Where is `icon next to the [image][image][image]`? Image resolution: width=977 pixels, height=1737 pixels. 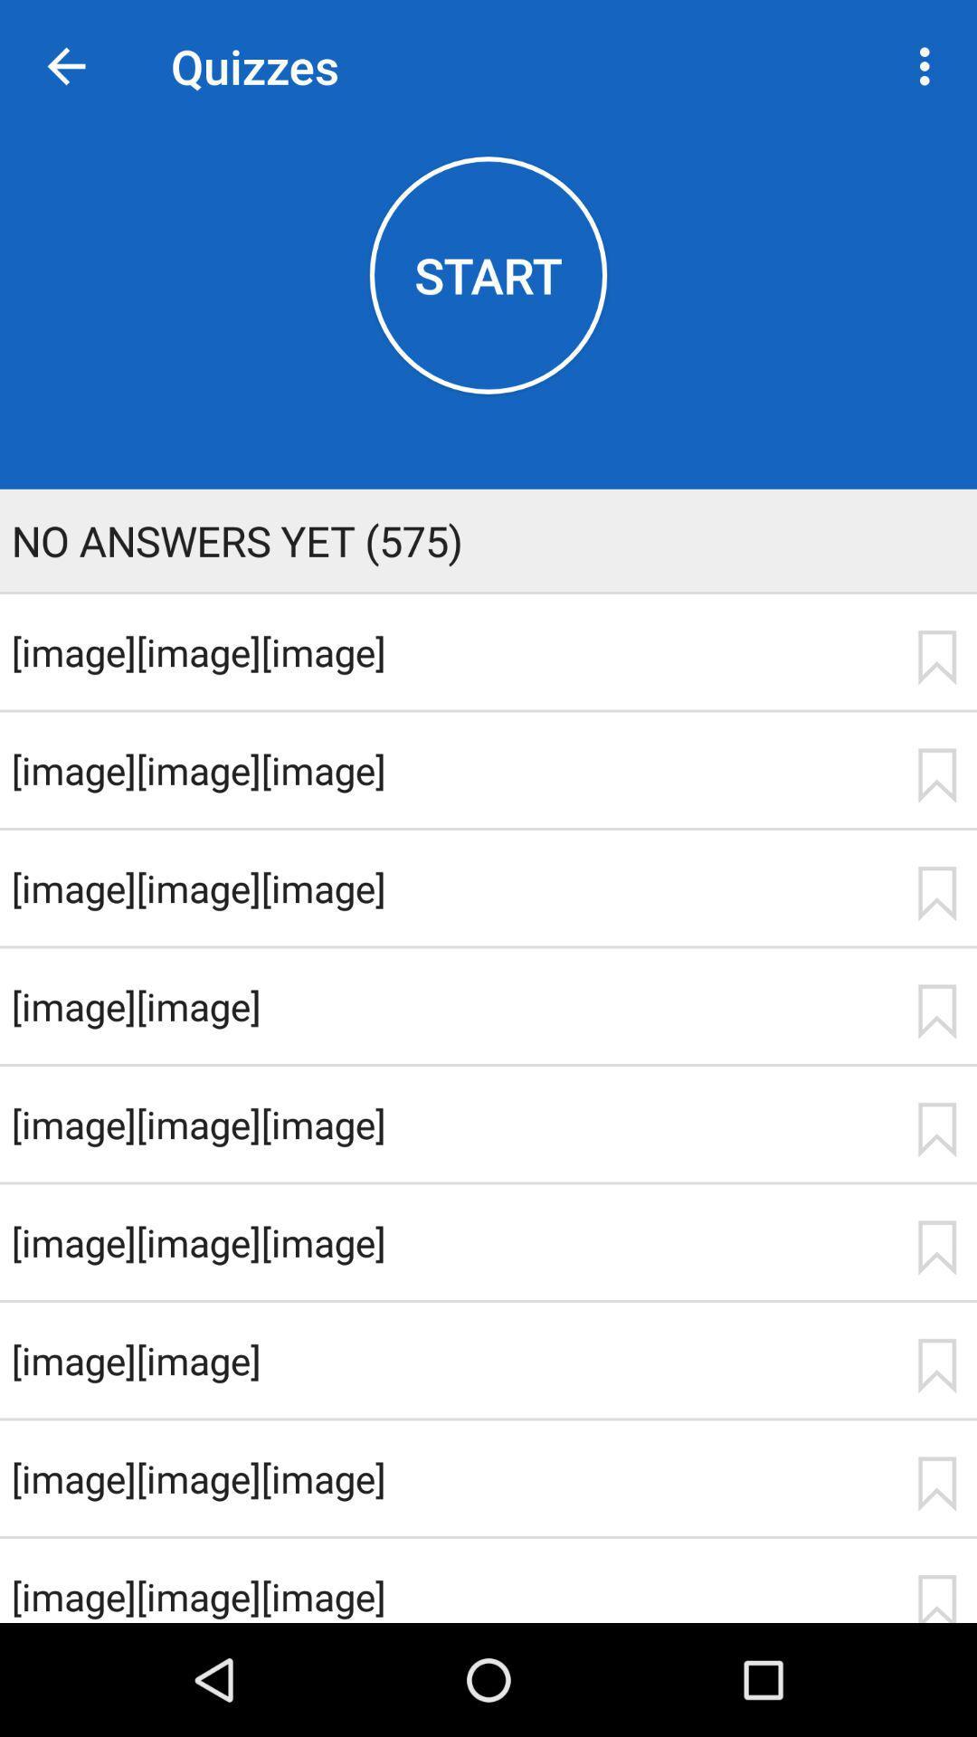 icon next to the [image][image][image] is located at coordinates (936, 775).